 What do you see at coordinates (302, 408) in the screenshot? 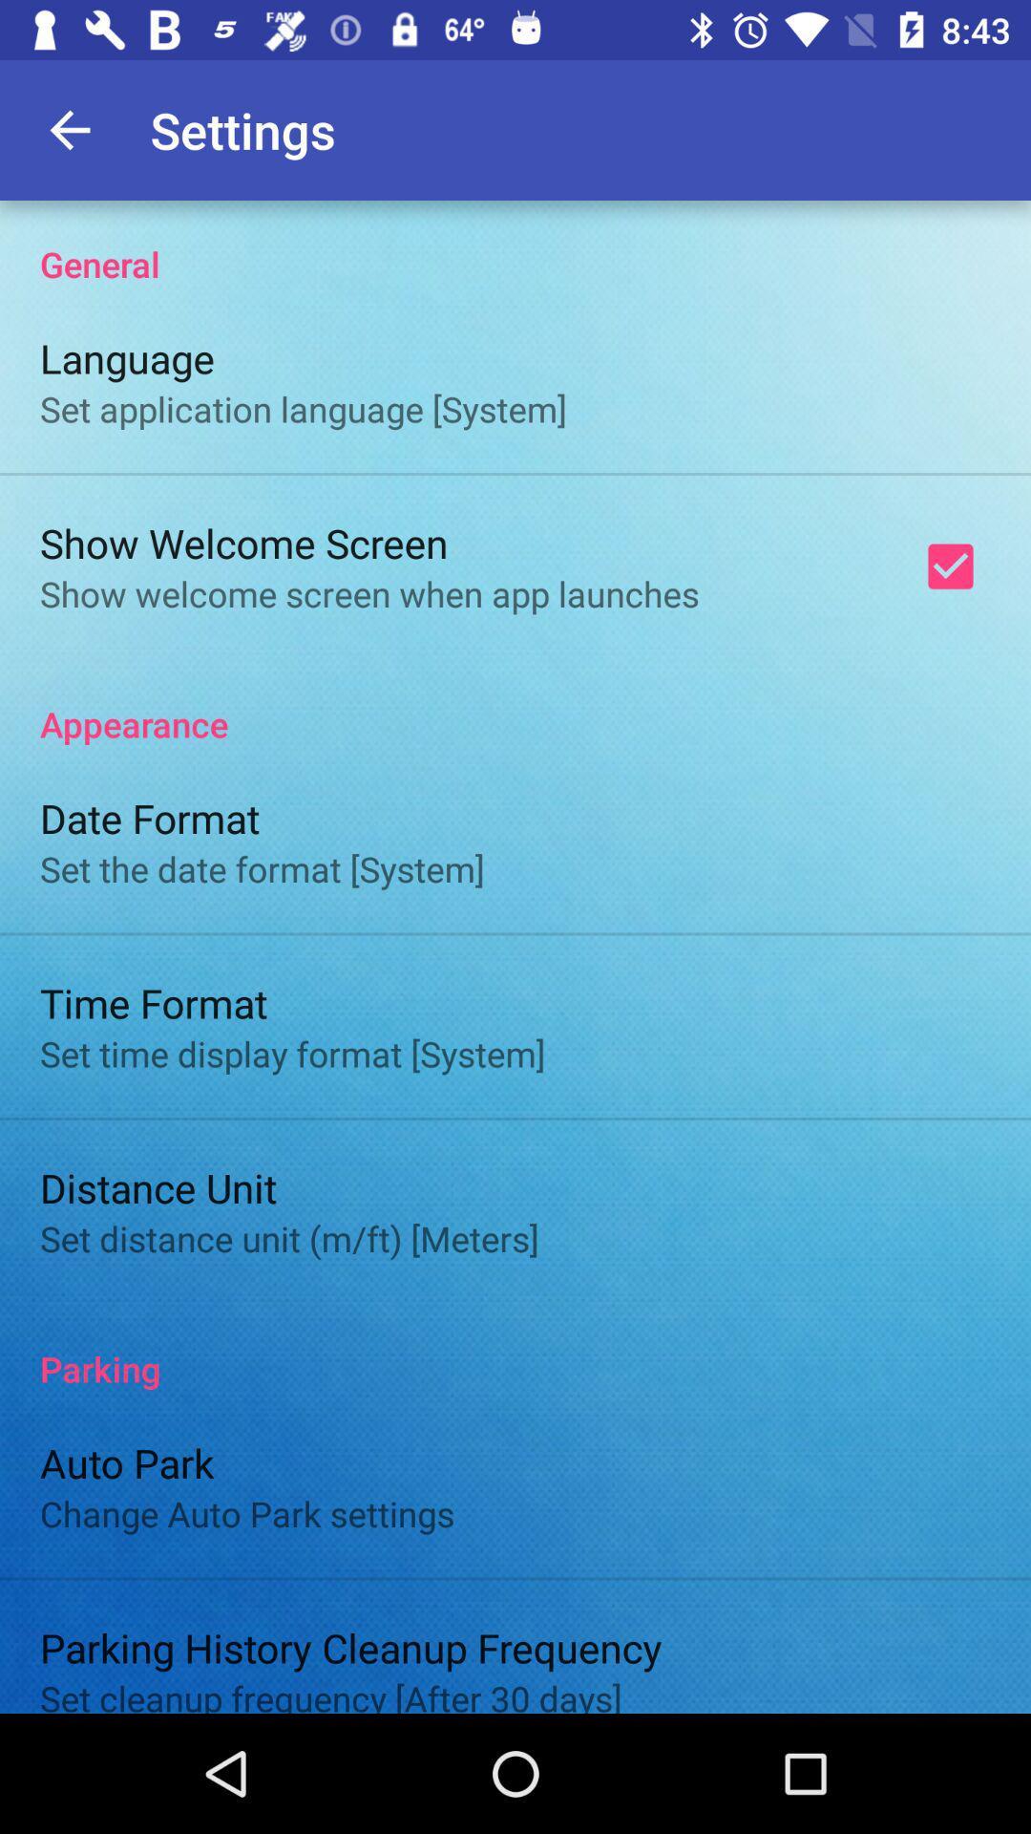
I see `icon above show welcome screen icon` at bounding box center [302, 408].